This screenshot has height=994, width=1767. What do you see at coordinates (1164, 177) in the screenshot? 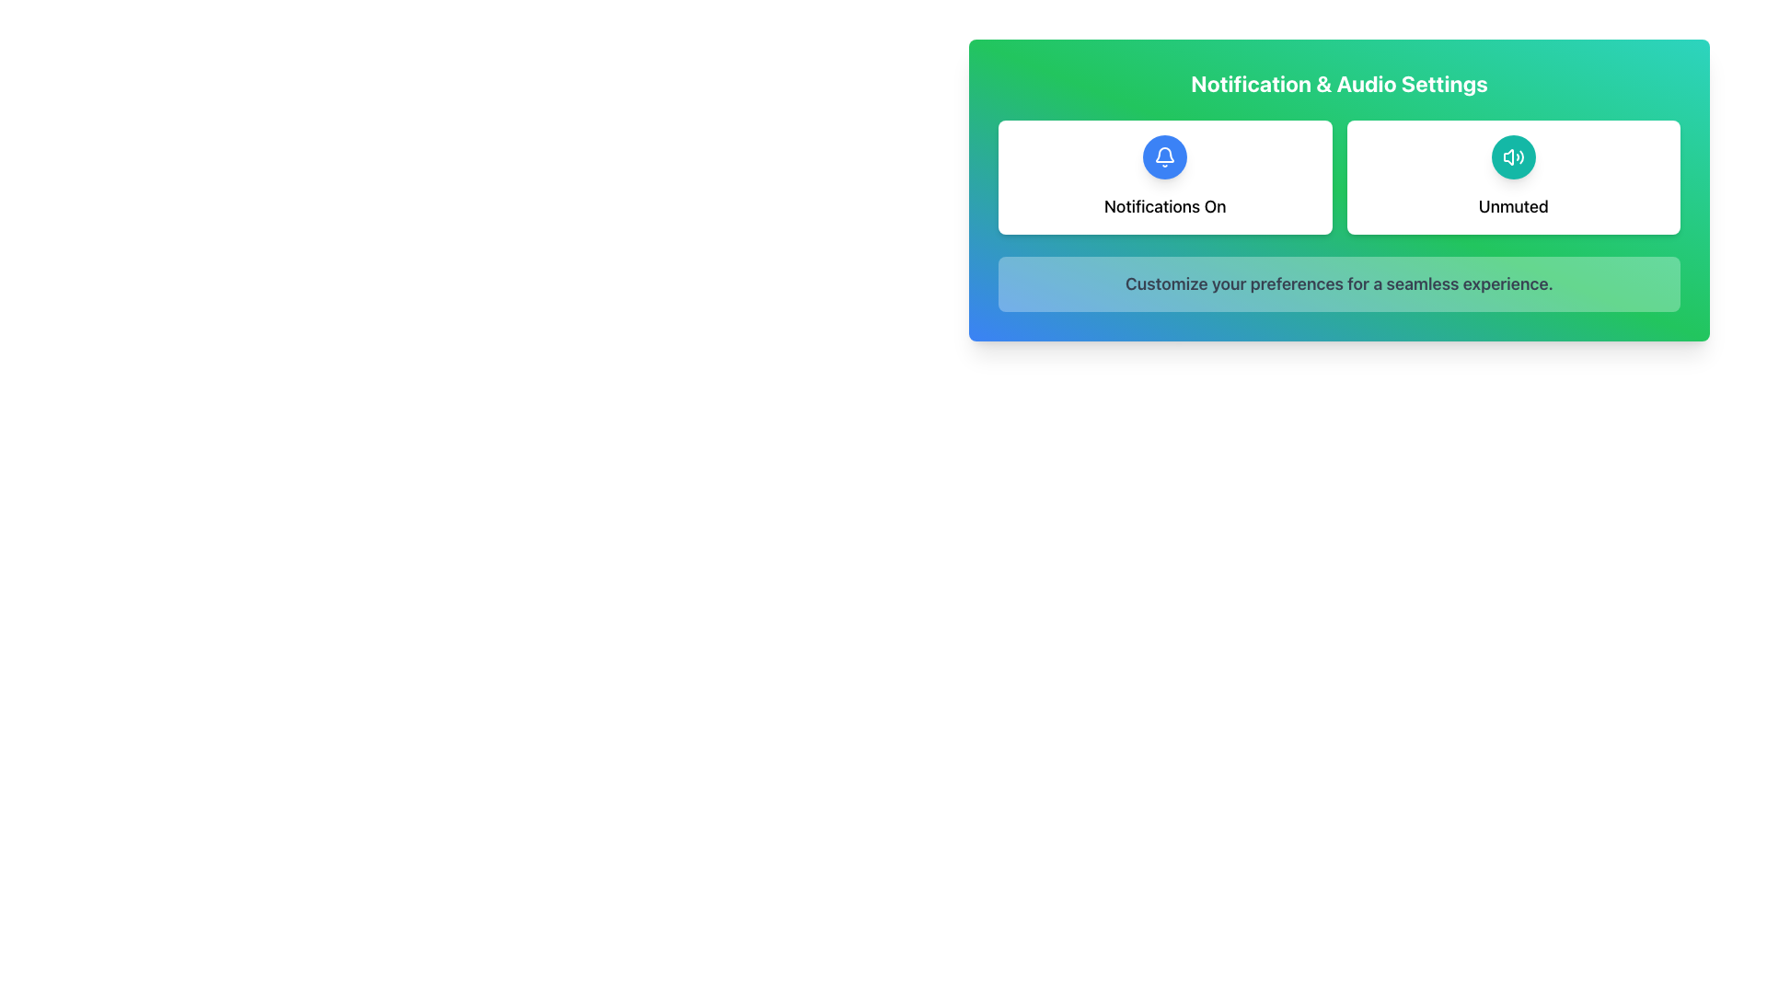
I see `the blue circular button with a bell icon at the top of the notifications card` at bounding box center [1164, 177].